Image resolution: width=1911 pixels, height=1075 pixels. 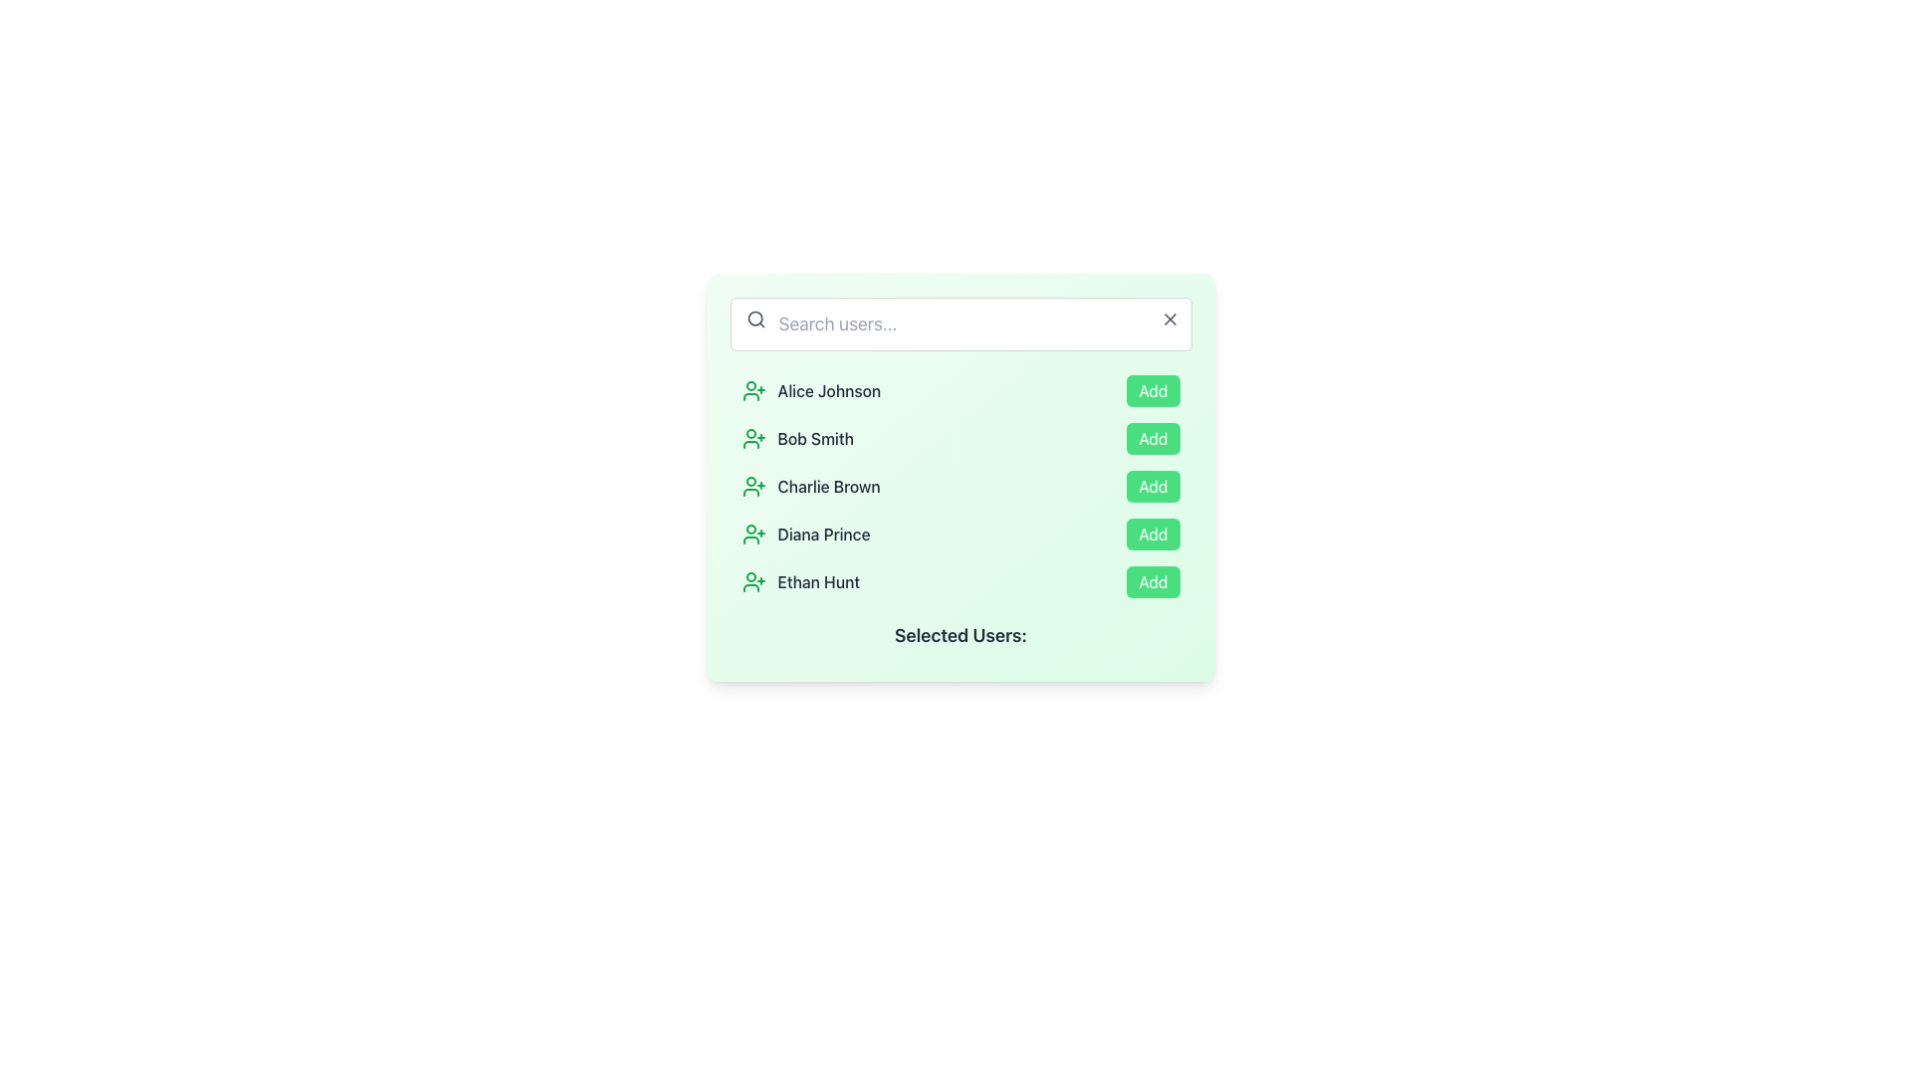 What do you see at coordinates (811, 391) in the screenshot?
I see `on the text label displaying the user's name 'Alice Johnson'` at bounding box center [811, 391].